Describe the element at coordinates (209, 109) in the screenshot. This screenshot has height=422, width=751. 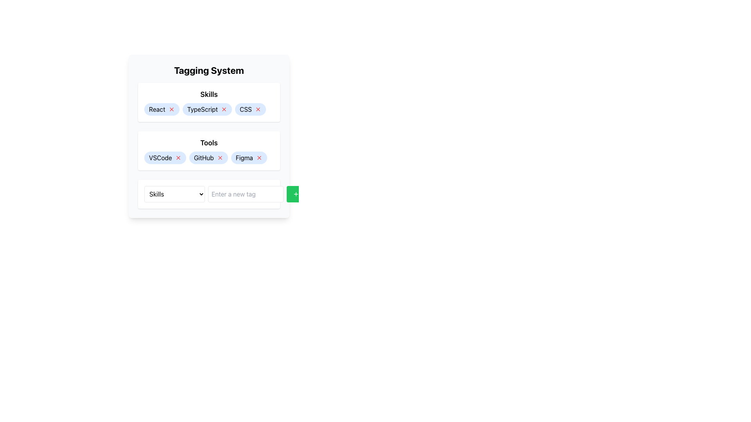
I see `the 'React', 'TypeScript', and 'CSS' tags in the Tag List located under the 'Skills' section` at that location.